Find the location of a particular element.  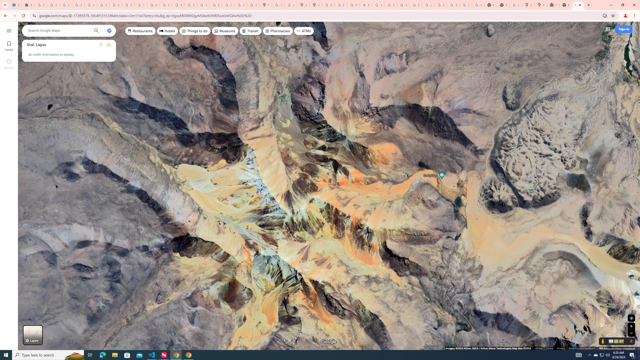

'Privacy Help Center - Policies Help' is located at coordinates (340, 5).